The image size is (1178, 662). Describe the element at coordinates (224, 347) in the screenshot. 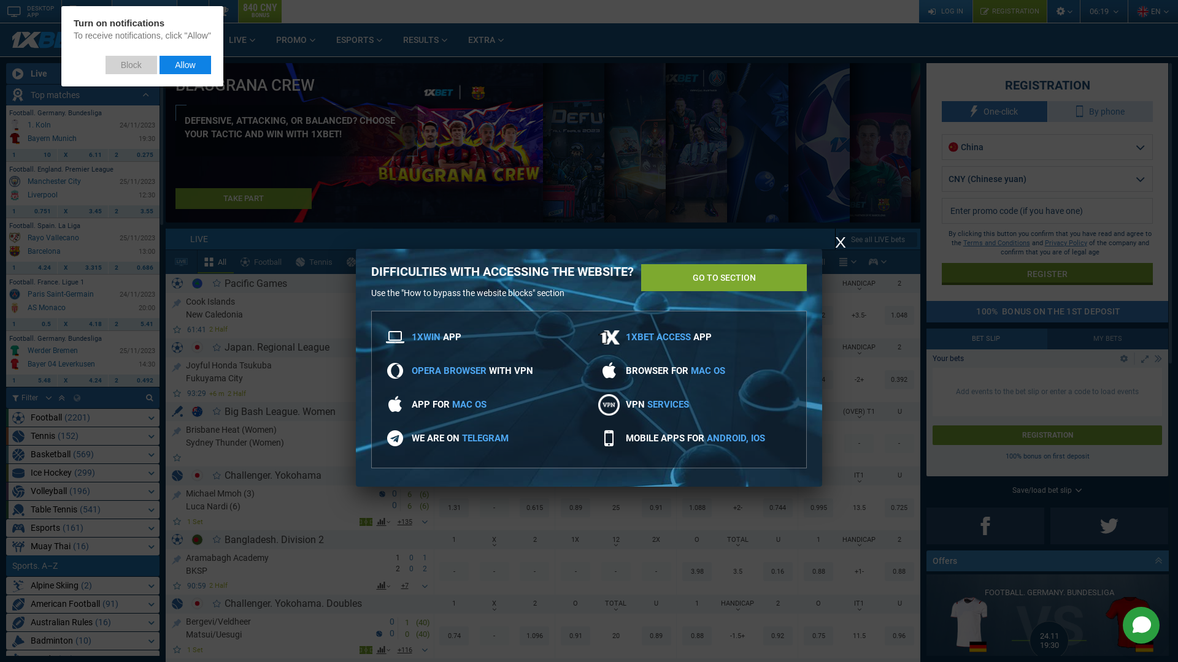

I see `'Japan. Regional League'` at that location.